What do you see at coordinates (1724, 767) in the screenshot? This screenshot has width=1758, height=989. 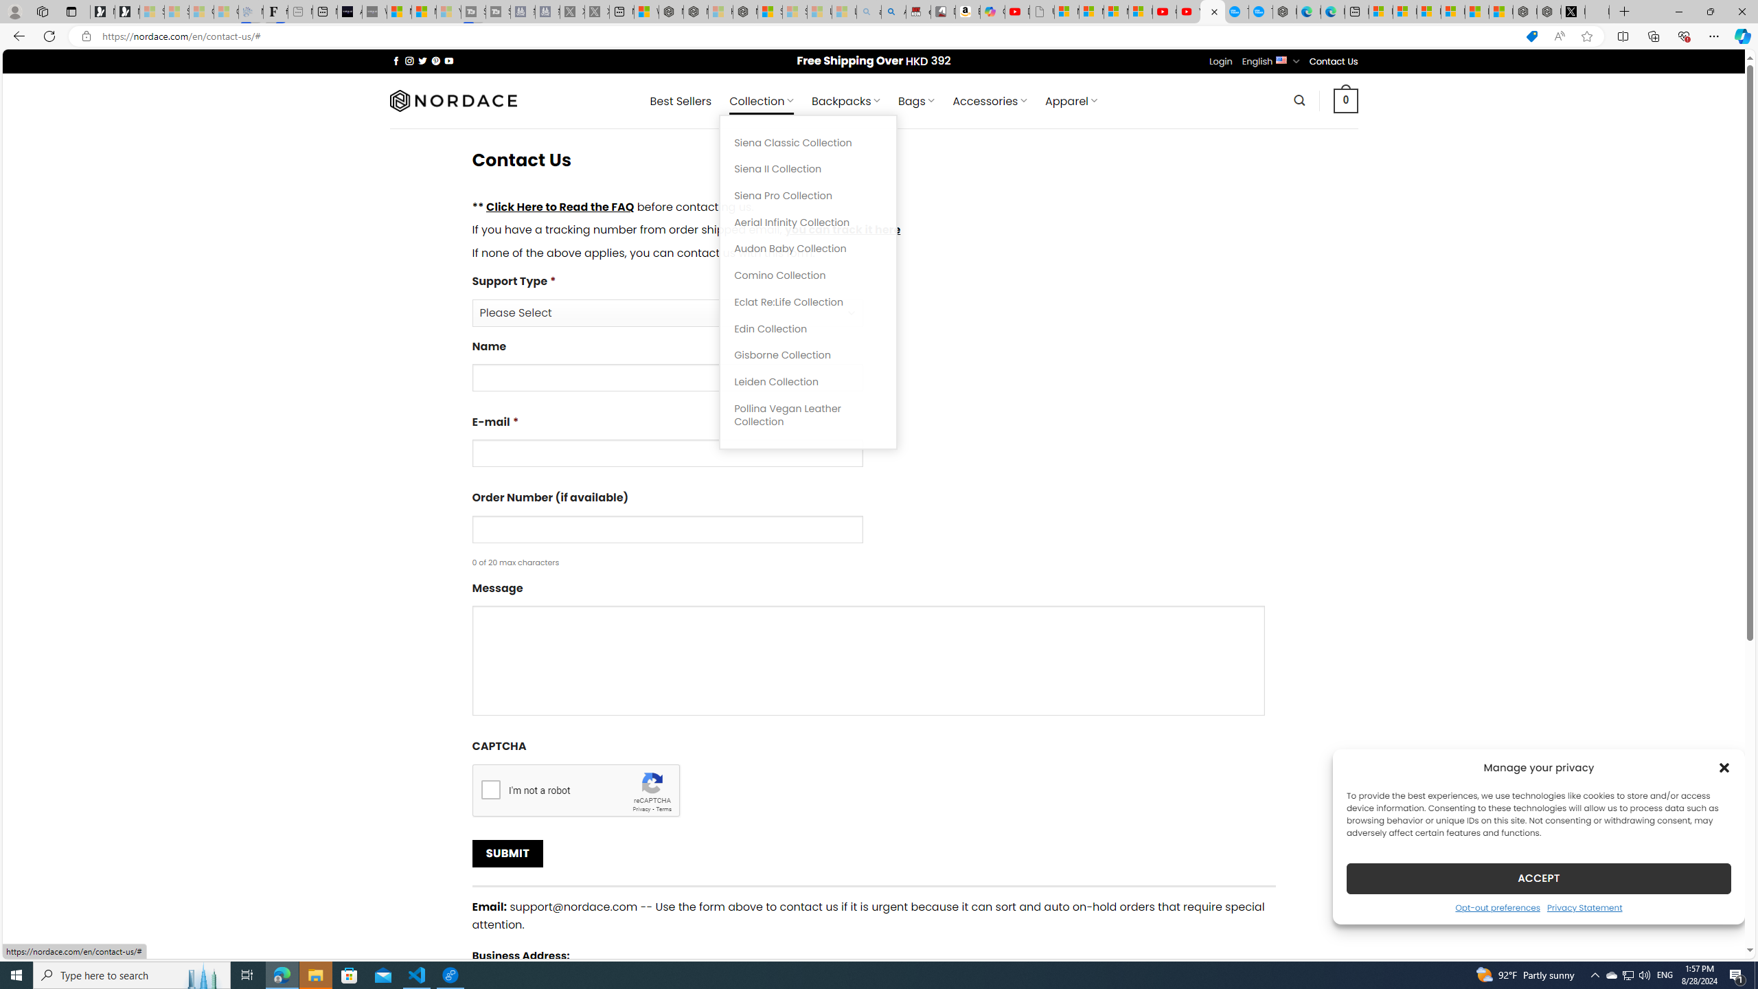 I see `'Class: cmplz-close'` at bounding box center [1724, 767].